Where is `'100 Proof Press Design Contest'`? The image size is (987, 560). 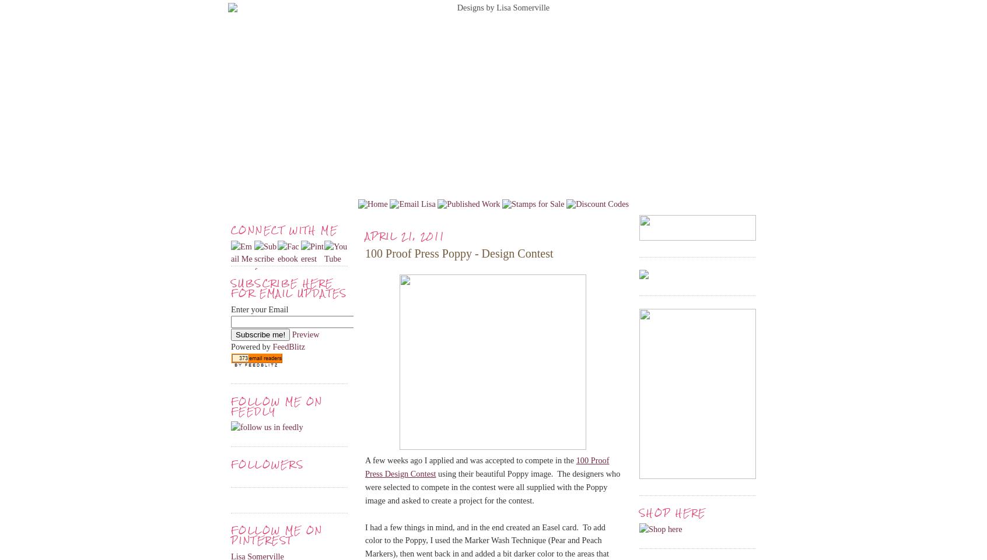 '100 Proof Press Design Contest' is located at coordinates (487, 466).